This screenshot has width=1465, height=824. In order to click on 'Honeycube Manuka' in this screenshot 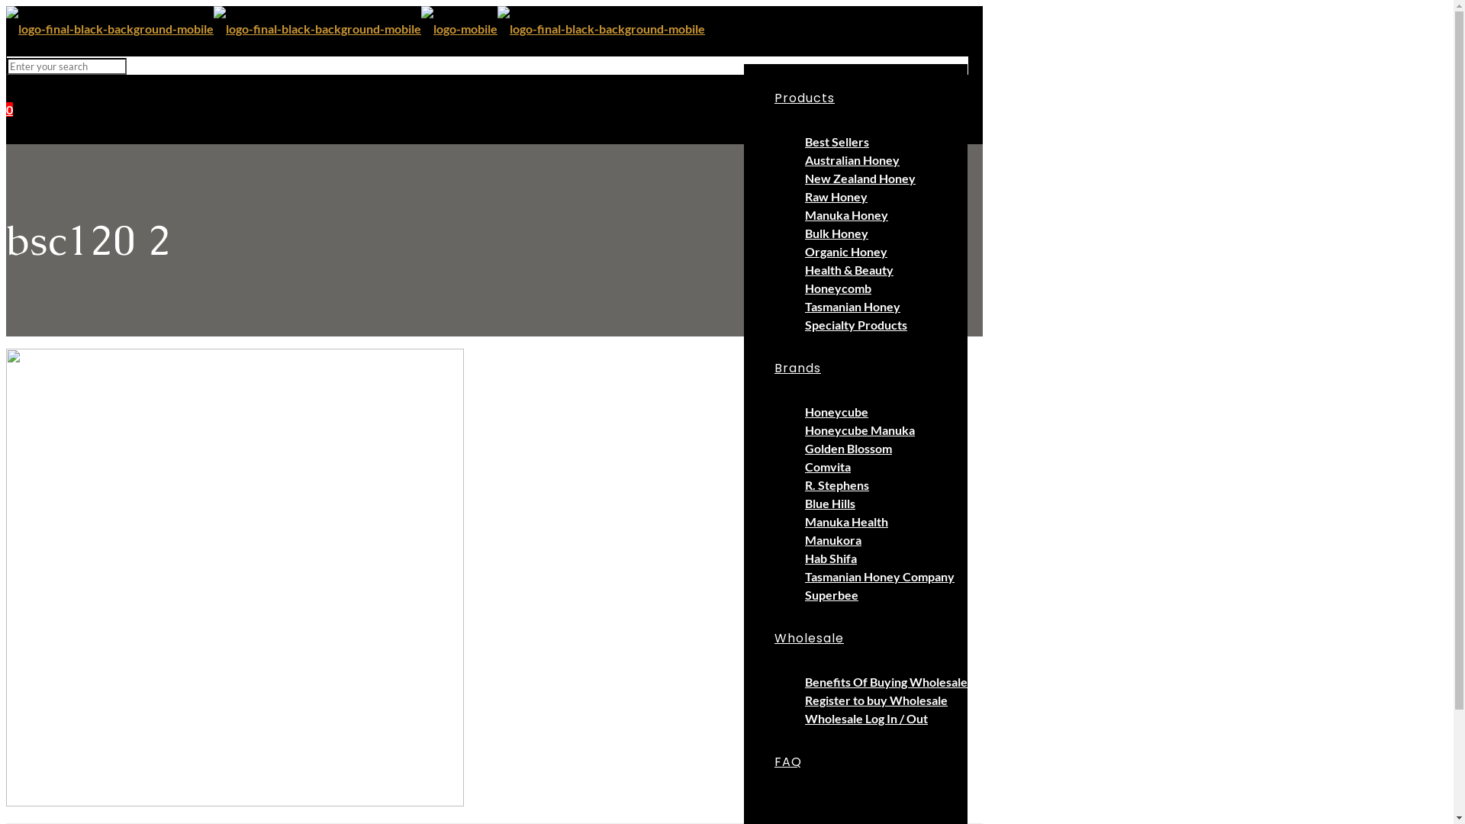, I will do `click(860, 430)`.